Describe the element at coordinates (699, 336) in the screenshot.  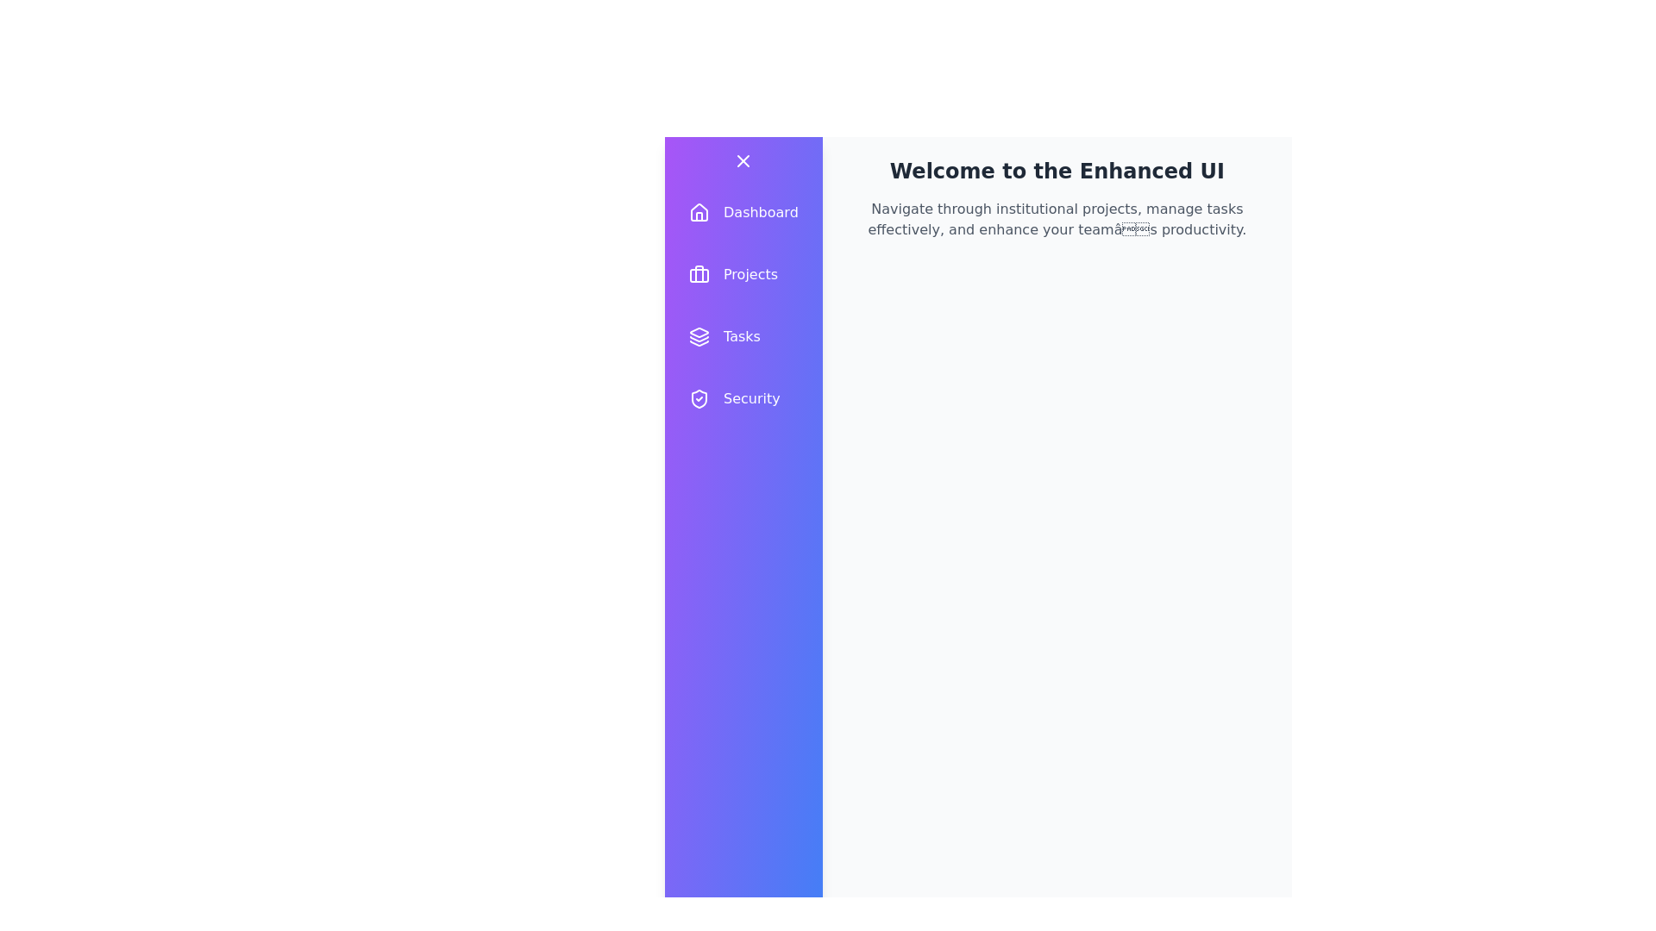
I see `the 'Tasks' icon, which is a small icon depicting three overlapping layers stacked together, located in a vertical menu with a gradient purple background` at that location.